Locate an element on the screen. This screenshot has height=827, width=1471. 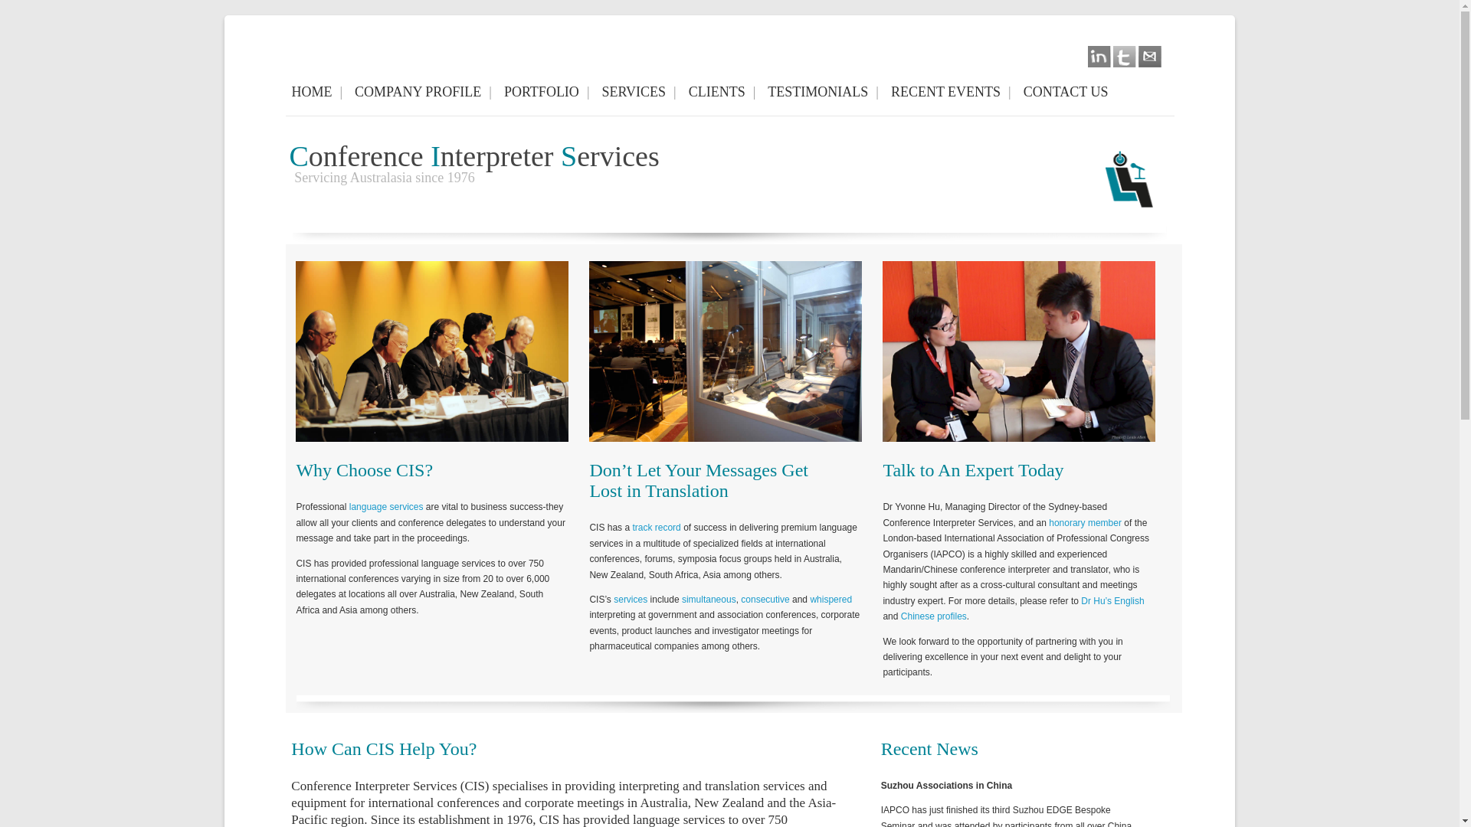
'RECENT EVENTS' is located at coordinates (885, 92).